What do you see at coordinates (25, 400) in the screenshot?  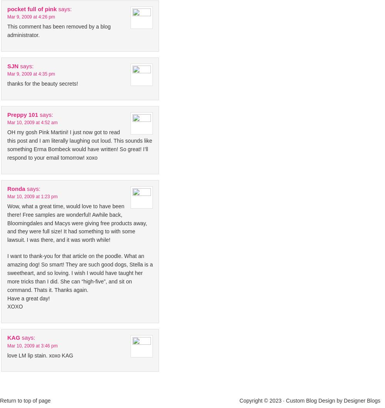 I see `'Return to top of page'` at bounding box center [25, 400].